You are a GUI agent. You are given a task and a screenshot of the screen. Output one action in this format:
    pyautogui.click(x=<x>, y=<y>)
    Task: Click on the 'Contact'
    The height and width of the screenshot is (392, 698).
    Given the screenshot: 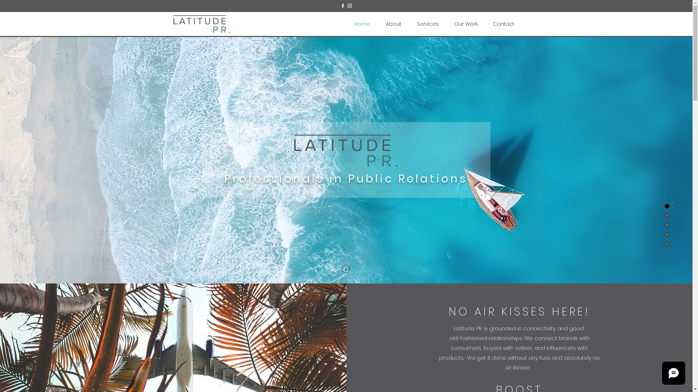 What is the action you would take?
    pyautogui.click(x=485, y=24)
    